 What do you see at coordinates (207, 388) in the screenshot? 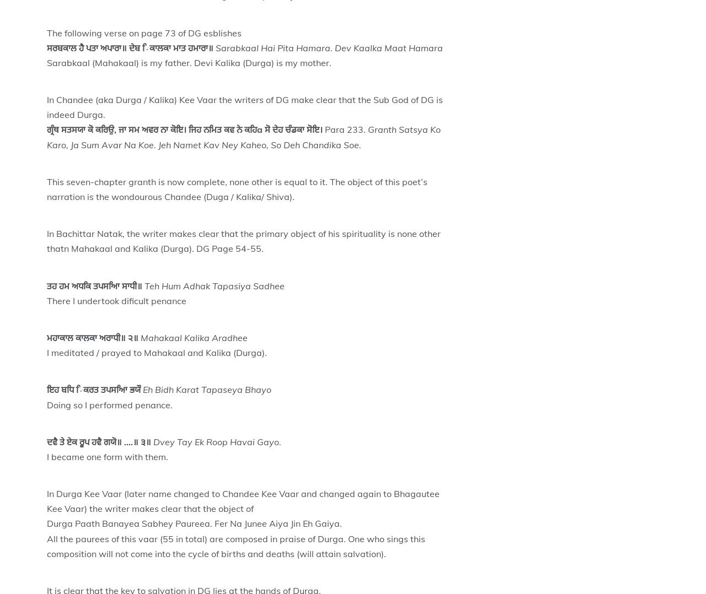
I see `'Eh Bidh Karat Tapaseya Bhayo'` at bounding box center [207, 388].